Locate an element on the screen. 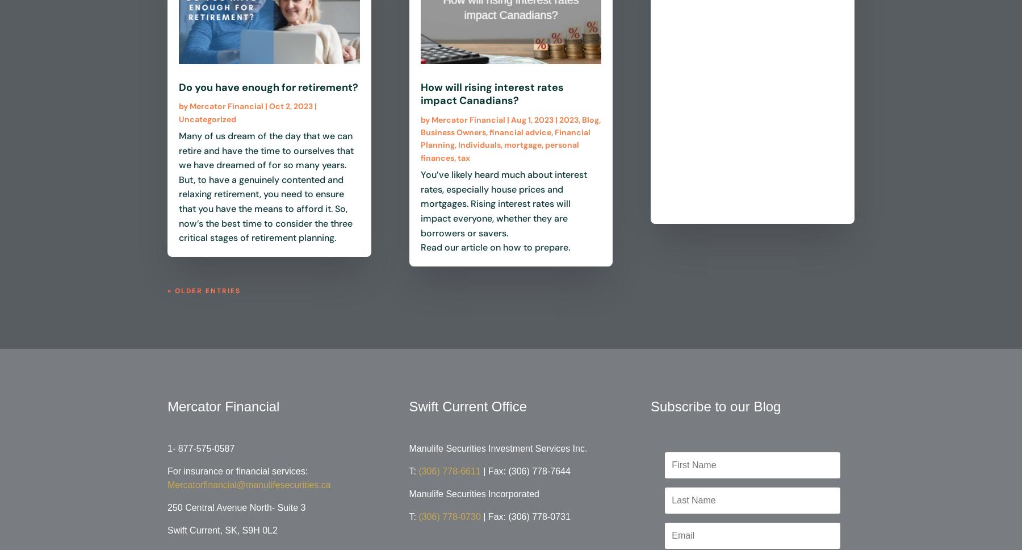 This screenshot has height=550, width=1022. 'Swift Current Office' is located at coordinates (468, 405).